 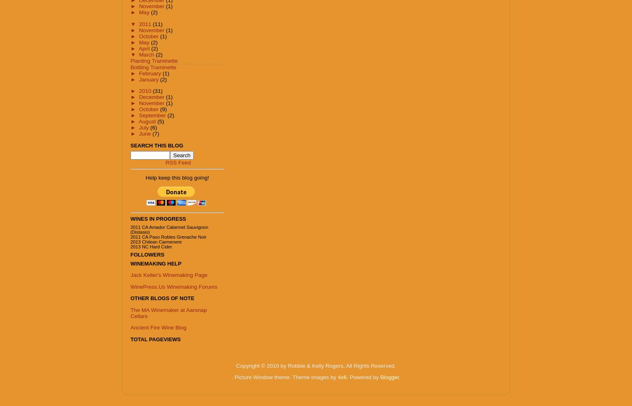 What do you see at coordinates (147, 254) in the screenshot?
I see `'Followers'` at bounding box center [147, 254].